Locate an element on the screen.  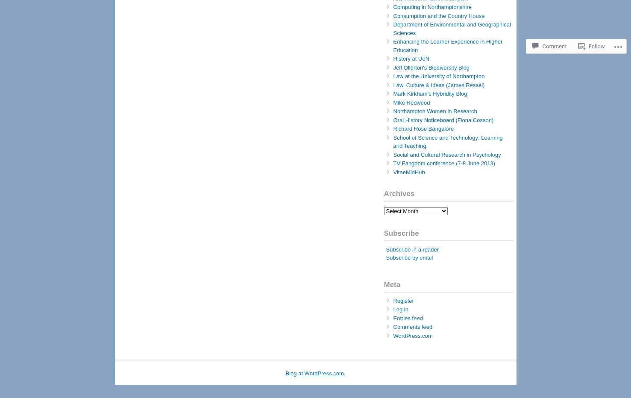
'Law, Culture & Ideas (James Ressel)' is located at coordinates (438, 85).